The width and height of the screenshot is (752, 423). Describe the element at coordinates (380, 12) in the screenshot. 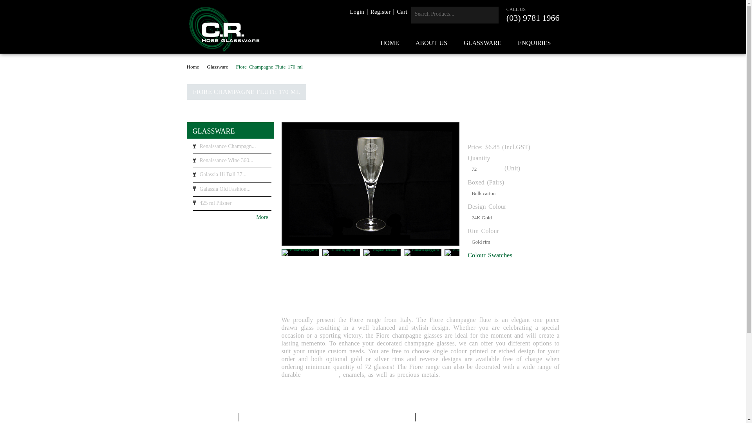

I see `'Register'` at that location.